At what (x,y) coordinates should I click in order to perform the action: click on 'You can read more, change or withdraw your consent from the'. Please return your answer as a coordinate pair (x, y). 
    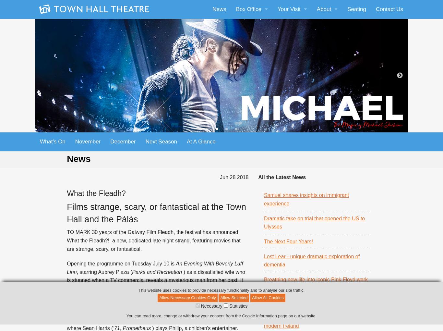
    Looking at the image, I should click on (126, 315).